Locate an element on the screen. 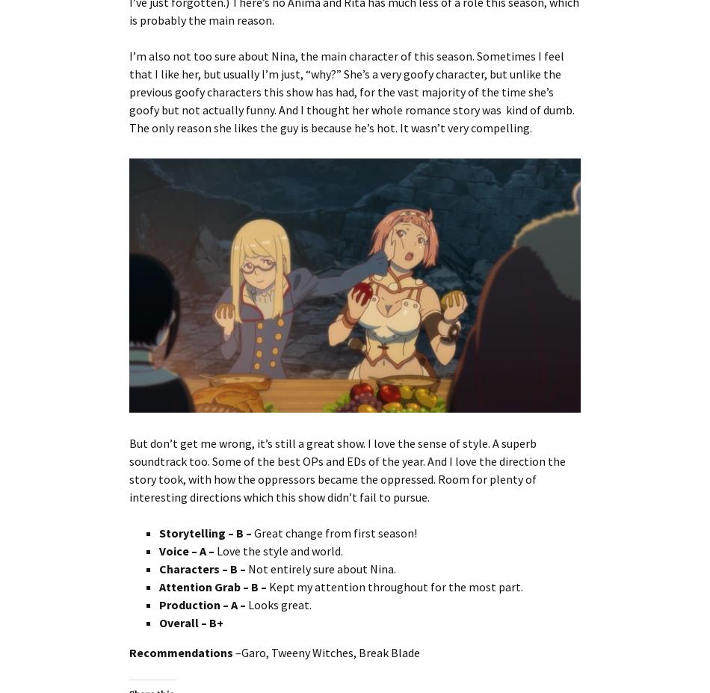 This screenshot has height=693, width=710. 'Characters – B –' is located at coordinates (203, 567).